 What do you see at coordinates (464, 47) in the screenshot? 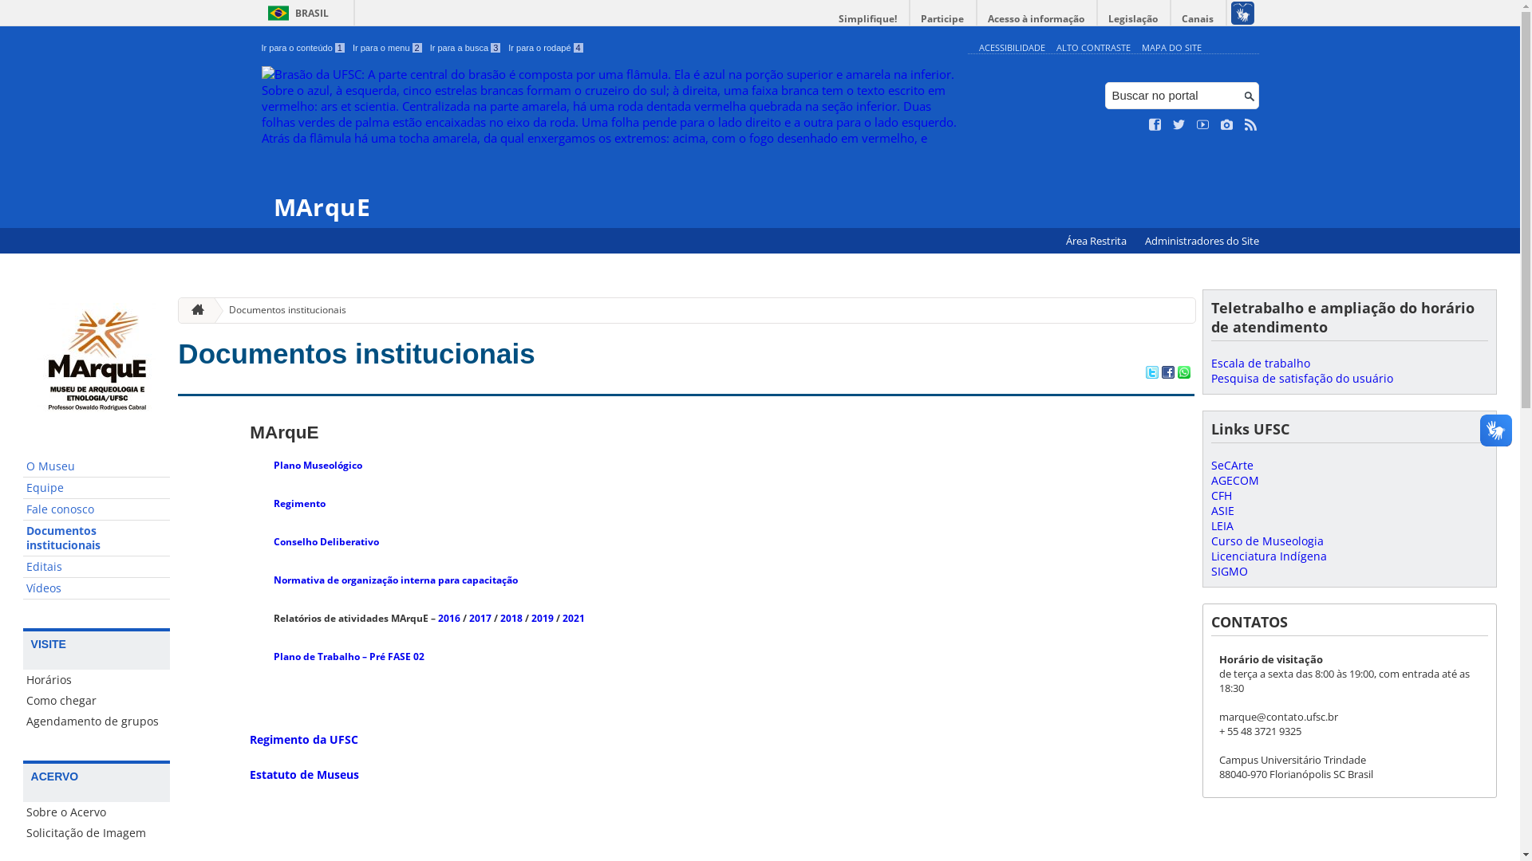
I see `'Ir para a busca 3'` at bounding box center [464, 47].